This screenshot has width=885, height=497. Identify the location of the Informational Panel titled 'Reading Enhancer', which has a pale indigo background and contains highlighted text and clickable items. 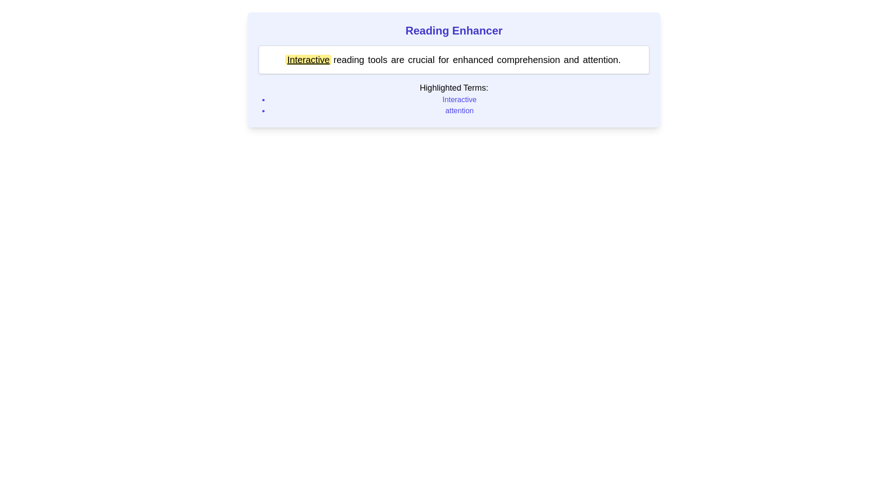
(454, 69).